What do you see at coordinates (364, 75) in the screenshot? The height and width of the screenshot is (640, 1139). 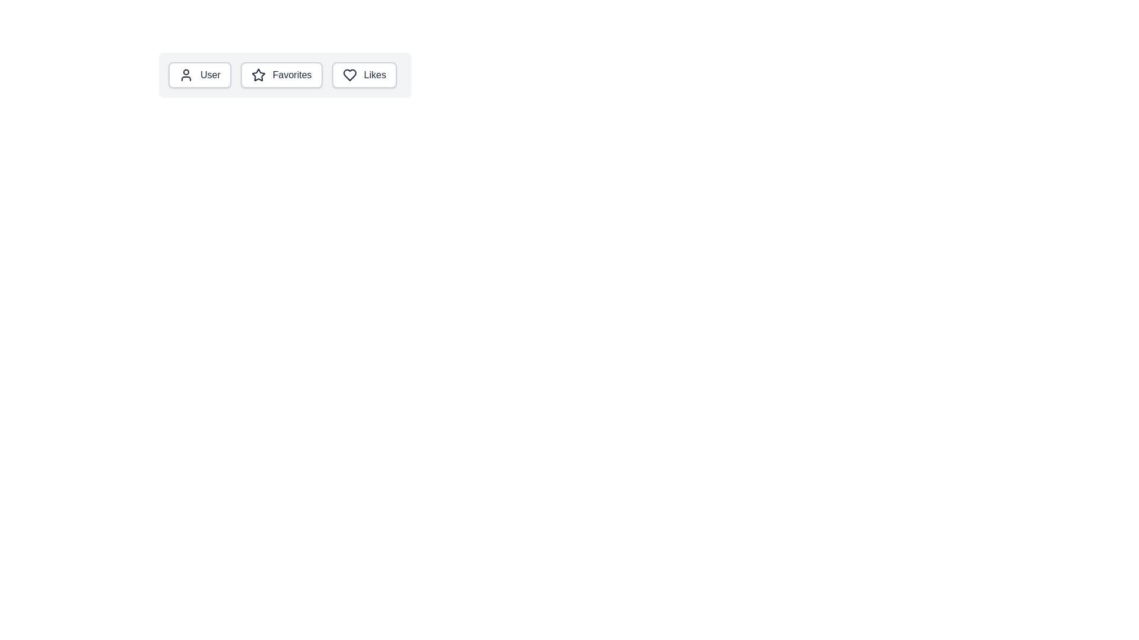 I see `the Likes chip to activate it` at bounding box center [364, 75].